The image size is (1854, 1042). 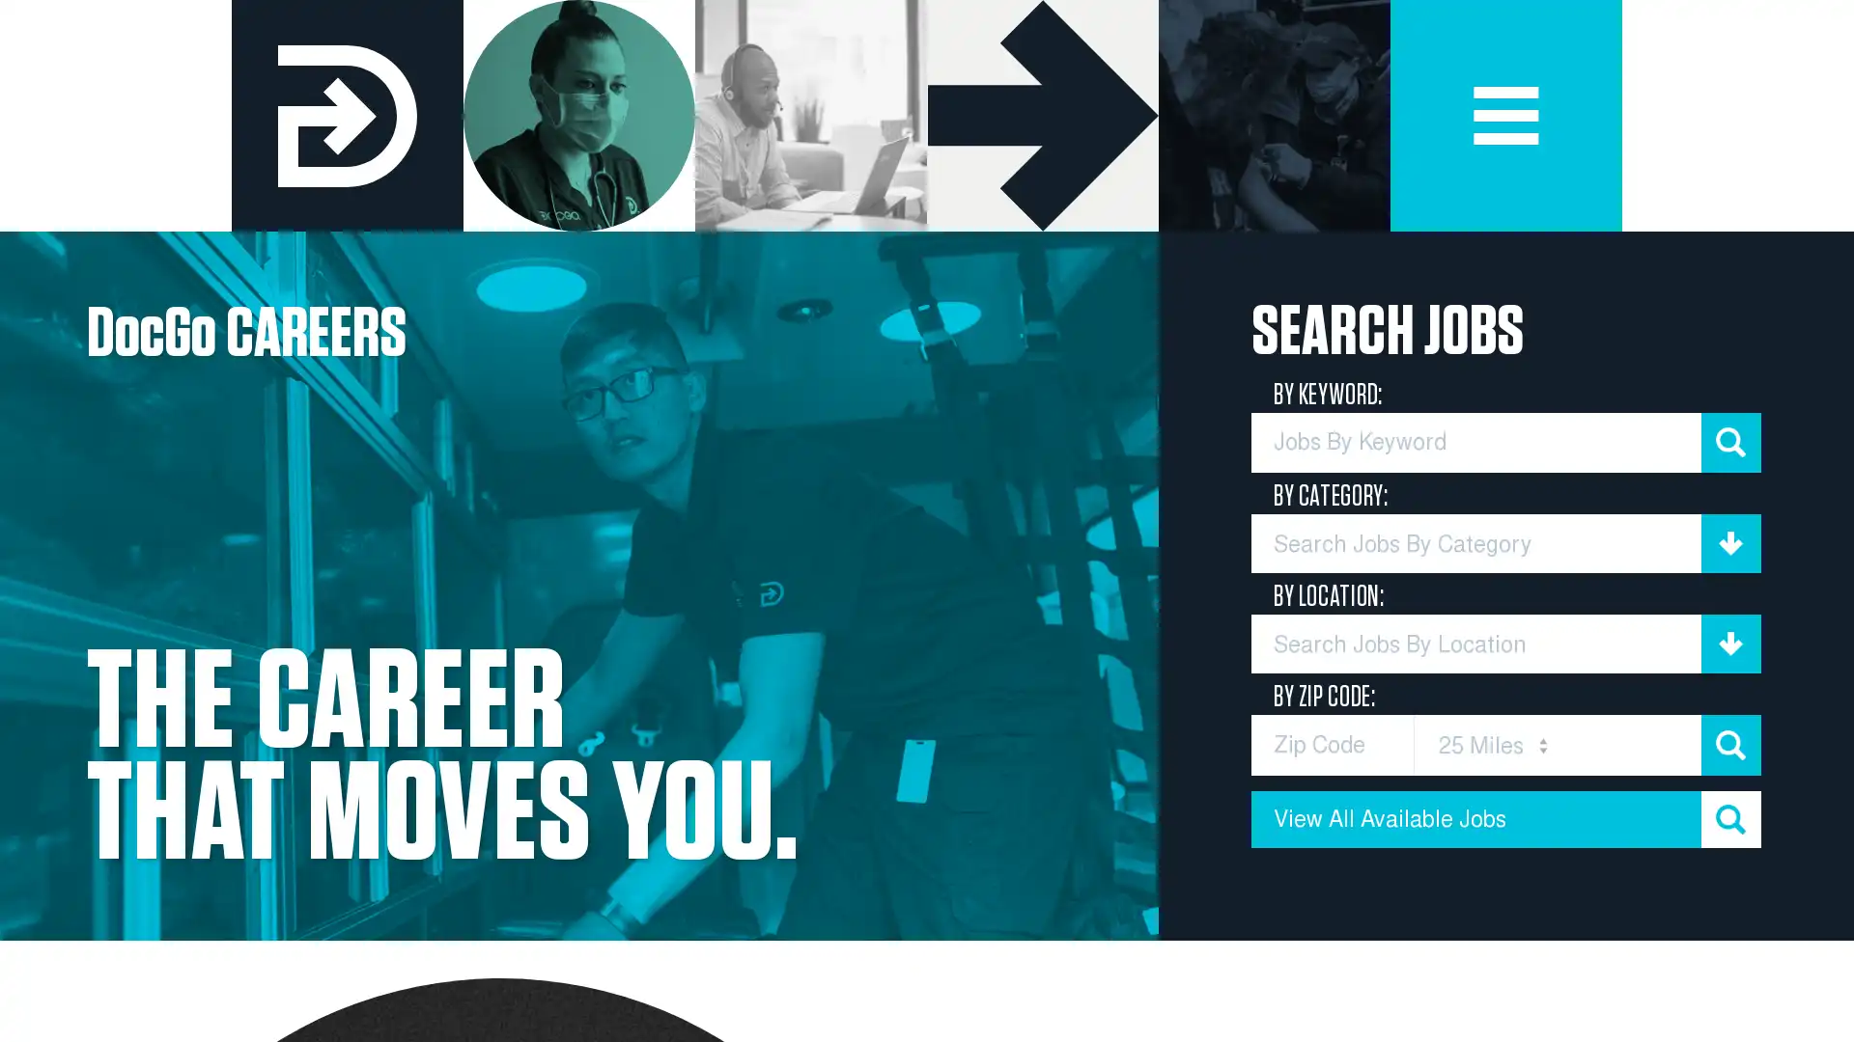 What do you see at coordinates (1730, 442) in the screenshot?
I see `submit keyword search` at bounding box center [1730, 442].